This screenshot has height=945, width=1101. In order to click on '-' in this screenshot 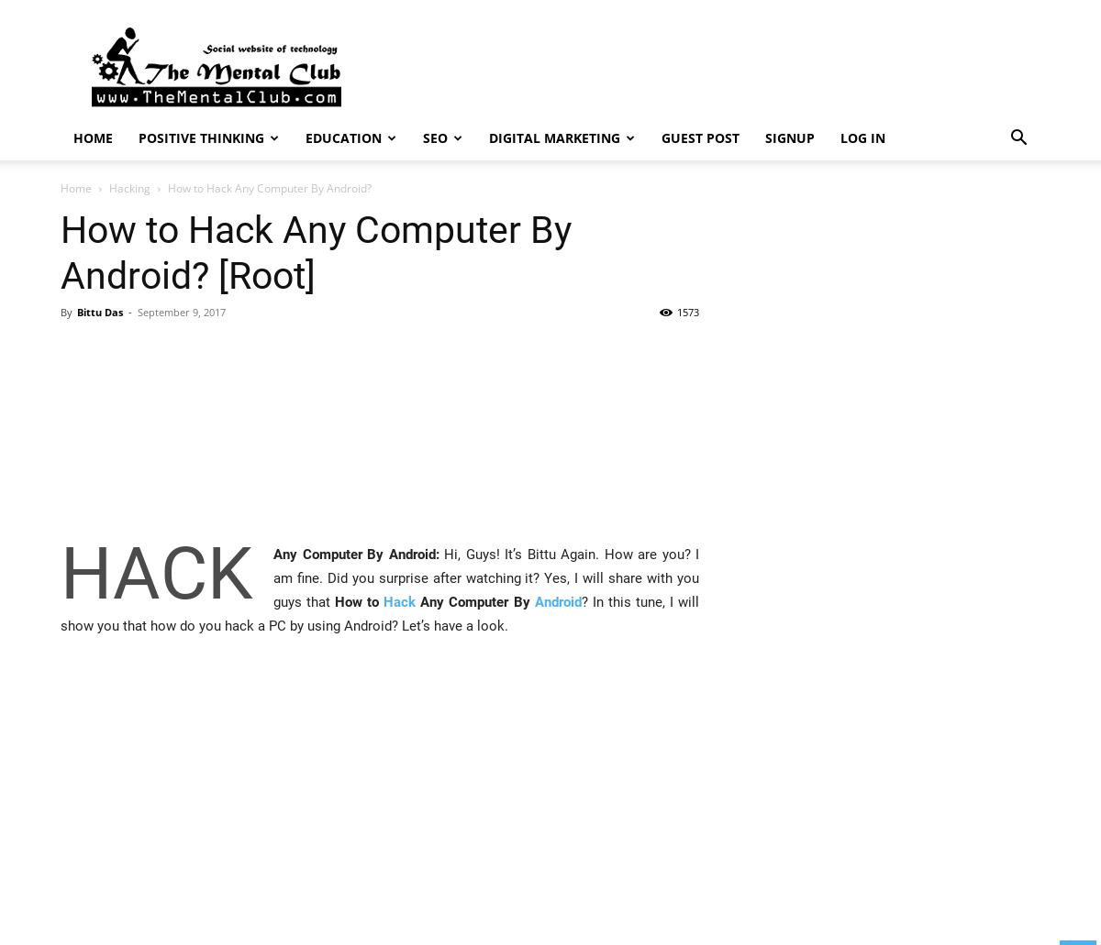, I will do `click(128, 311)`.